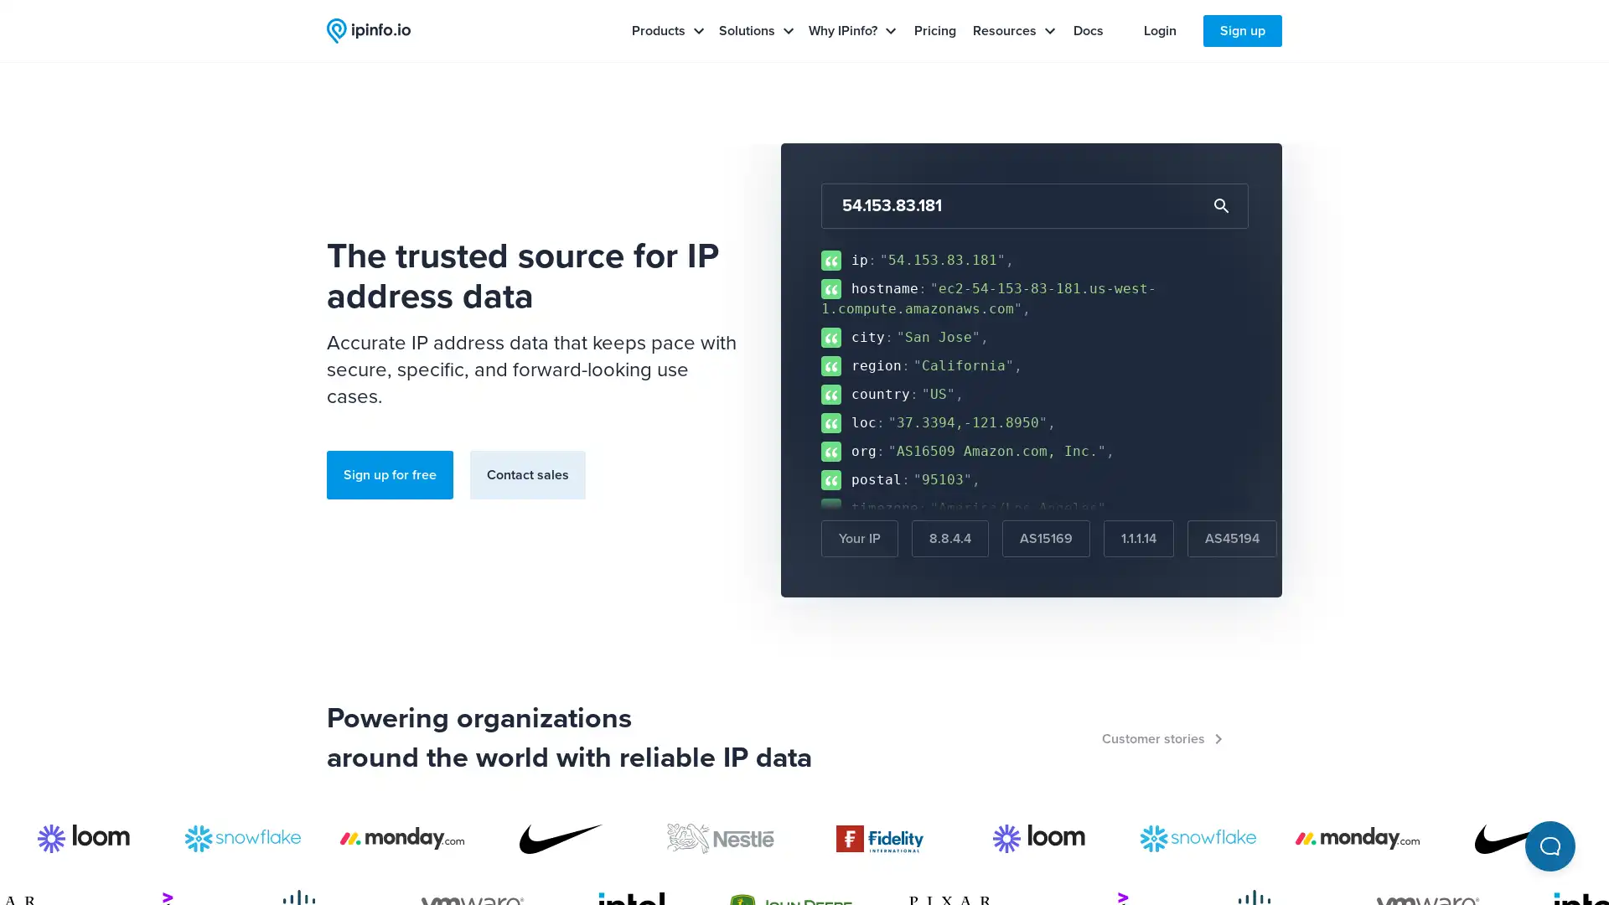 This screenshot has width=1609, height=905. Describe the element at coordinates (1343, 539) in the screenshot. I see `68.87.41.40` at that location.